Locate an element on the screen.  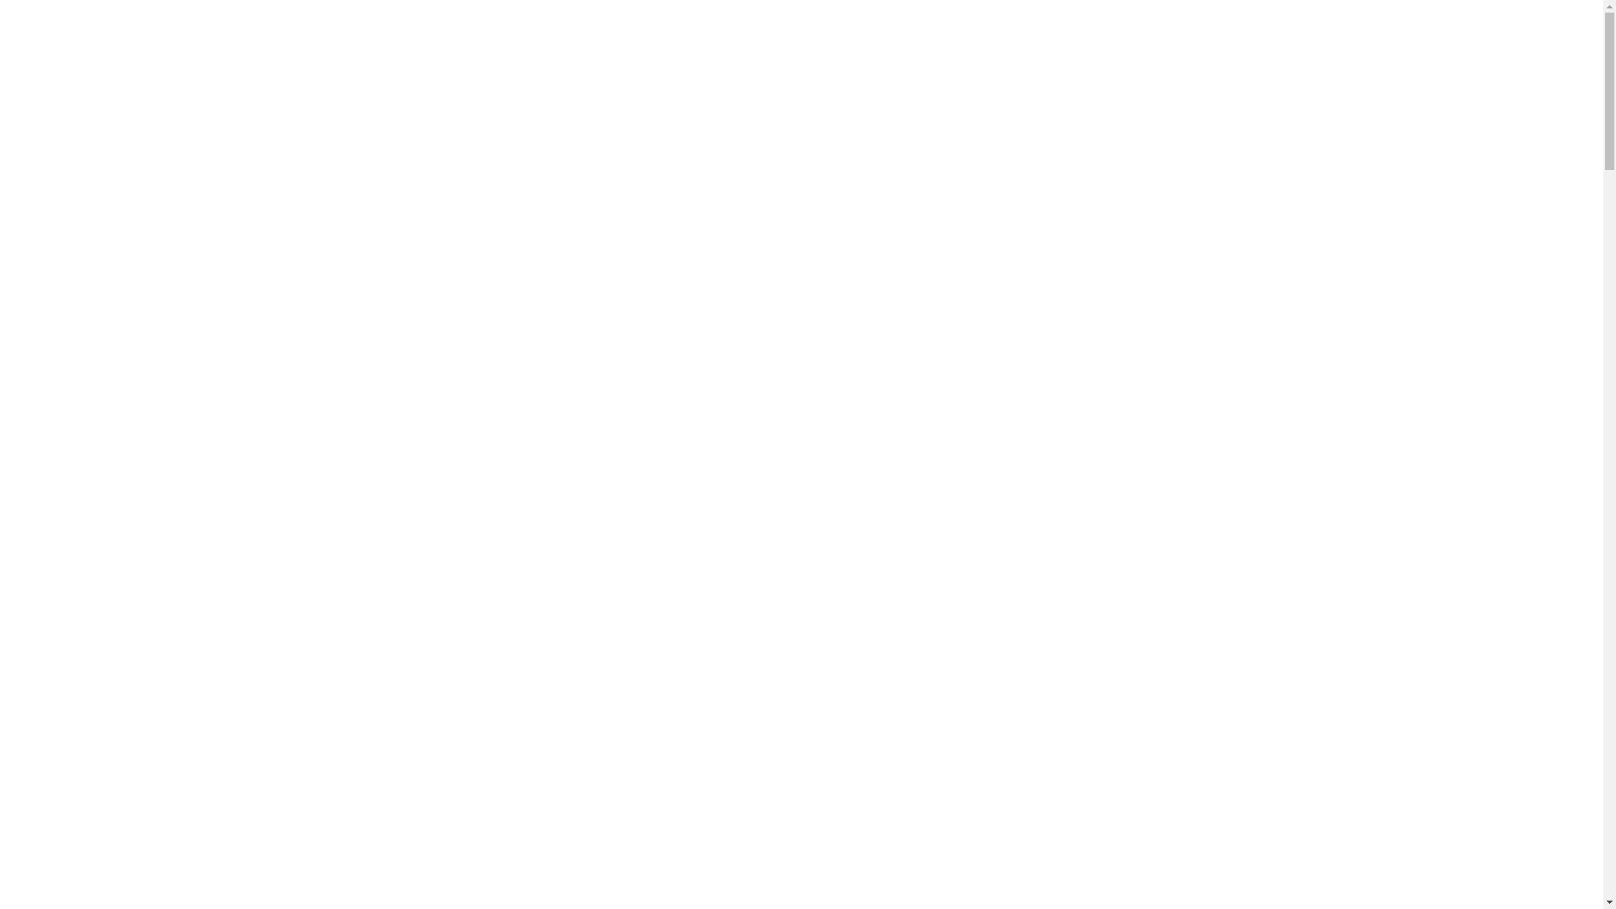
'WHOLESALE' is located at coordinates (1073, 31).